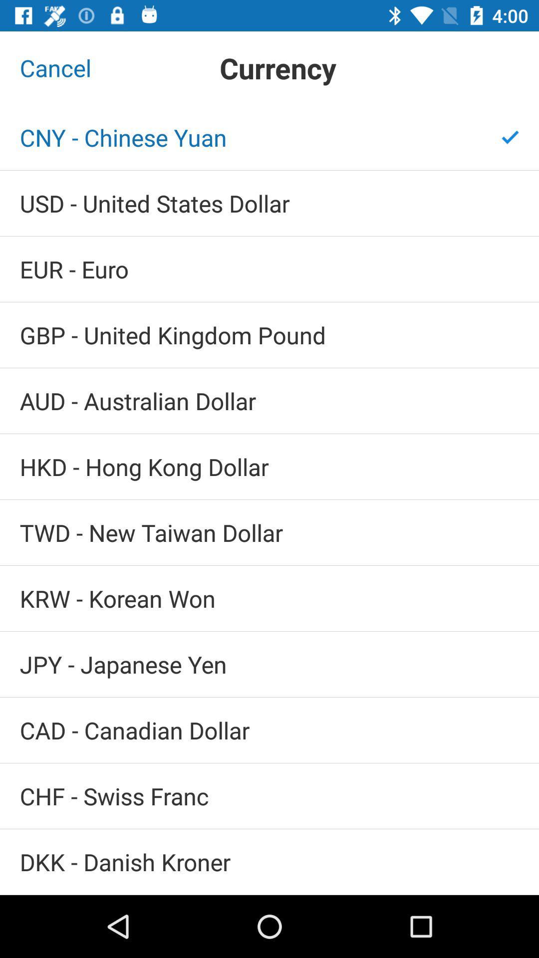  What do you see at coordinates (269, 532) in the screenshot?
I see `twd new taiwan icon` at bounding box center [269, 532].